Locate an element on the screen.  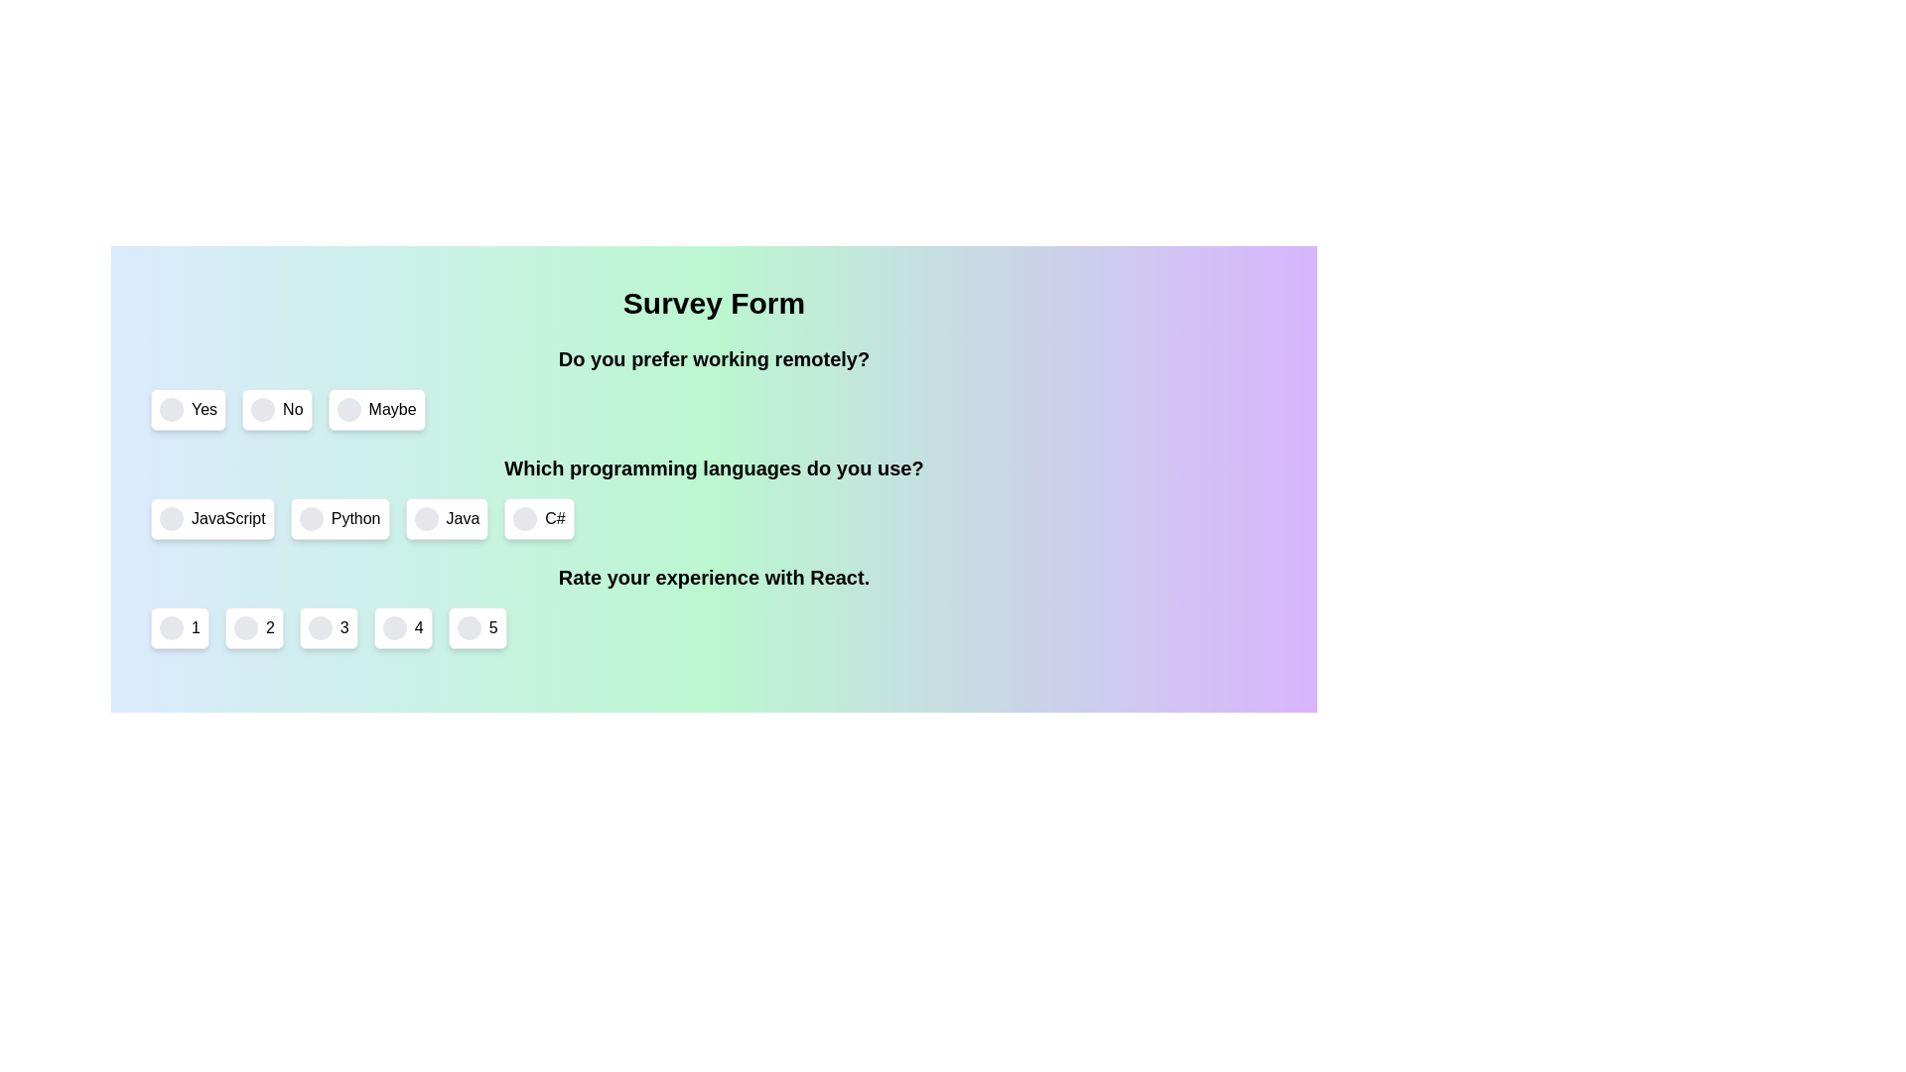
the circular selector for the survey question labeled 'Which programming languages do you use?' is located at coordinates (714, 496).